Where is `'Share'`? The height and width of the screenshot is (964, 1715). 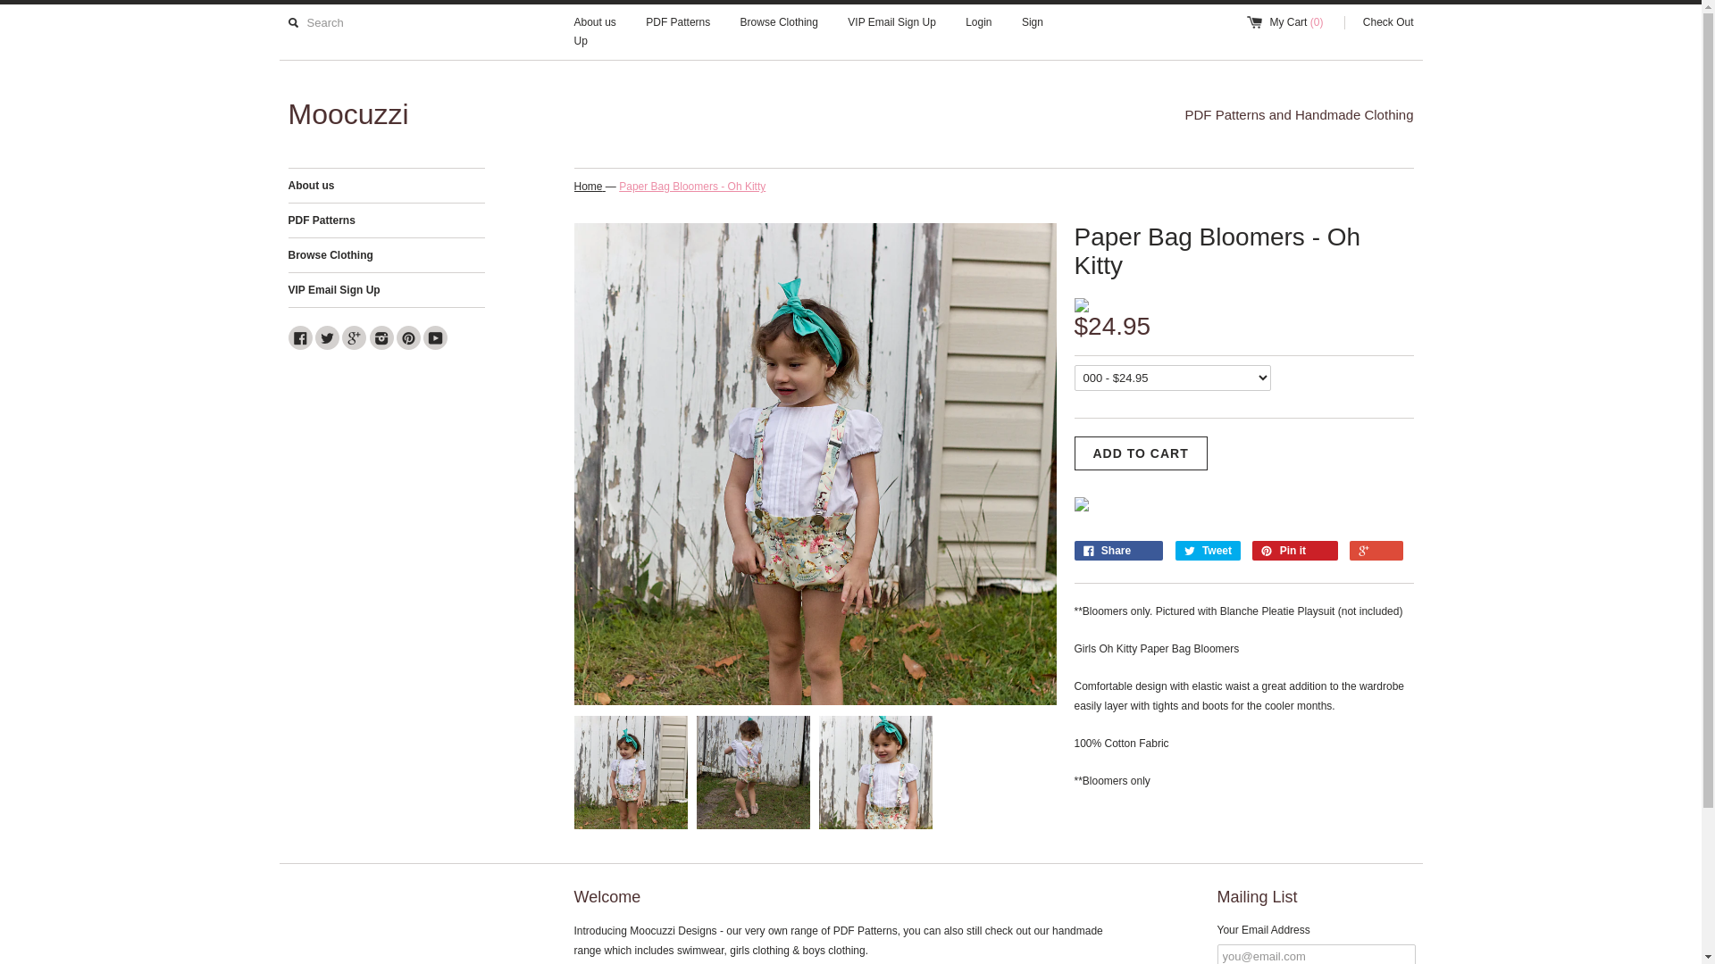
'Share' is located at coordinates (1072, 550).